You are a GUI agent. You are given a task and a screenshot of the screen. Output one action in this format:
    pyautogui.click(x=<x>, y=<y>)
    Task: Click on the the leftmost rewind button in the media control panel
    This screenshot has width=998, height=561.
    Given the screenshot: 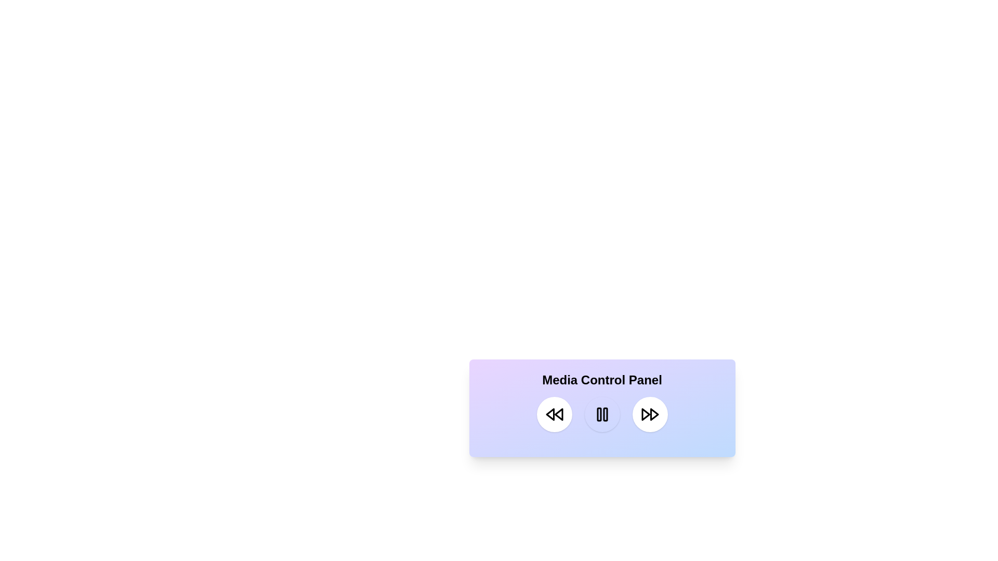 What is the action you would take?
    pyautogui.click(x=549, y=414)
    